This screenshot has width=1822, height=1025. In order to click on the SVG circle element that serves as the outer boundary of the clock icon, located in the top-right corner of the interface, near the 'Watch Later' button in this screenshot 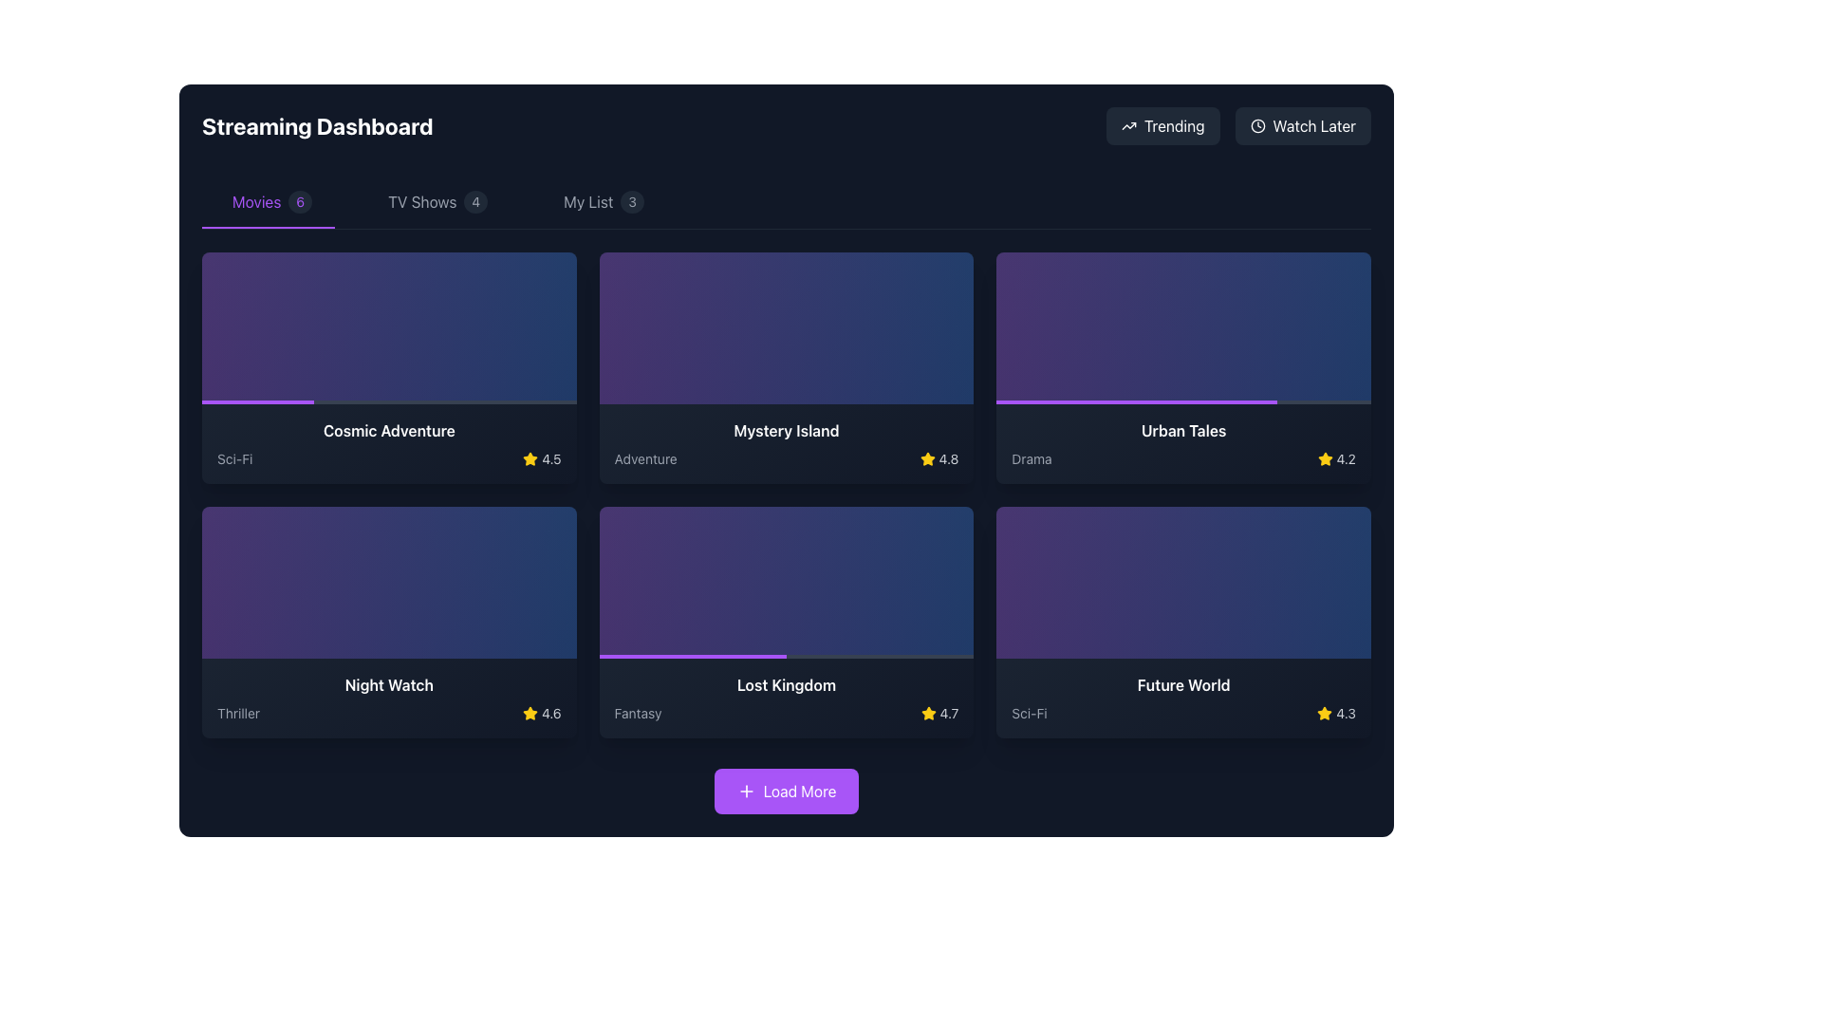, I will do `click(1257, 125)`.